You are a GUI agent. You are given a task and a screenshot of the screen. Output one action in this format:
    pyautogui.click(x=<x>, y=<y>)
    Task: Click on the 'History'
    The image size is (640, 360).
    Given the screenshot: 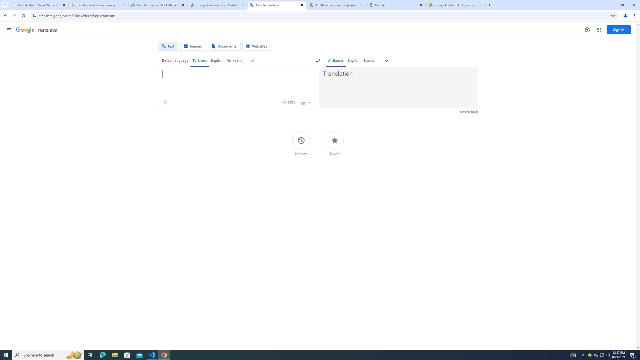 What is the action you would take?
    pyautogui.click(x=301, y=143)
    